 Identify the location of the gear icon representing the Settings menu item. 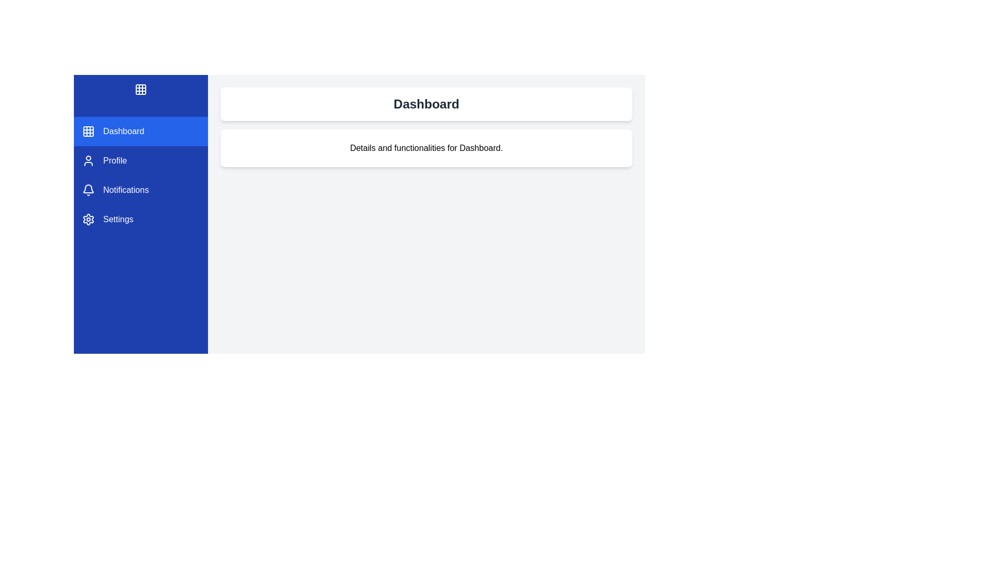
(88, 219).